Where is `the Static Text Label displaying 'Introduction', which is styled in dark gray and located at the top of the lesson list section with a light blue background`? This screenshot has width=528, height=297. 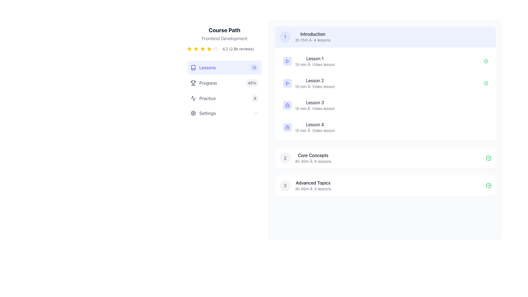 the Static Text Label displaying 'Introduction', which is styled in dark gray and located at the top of the lesson list section with a light blue background is located at coordinates (313, 34).